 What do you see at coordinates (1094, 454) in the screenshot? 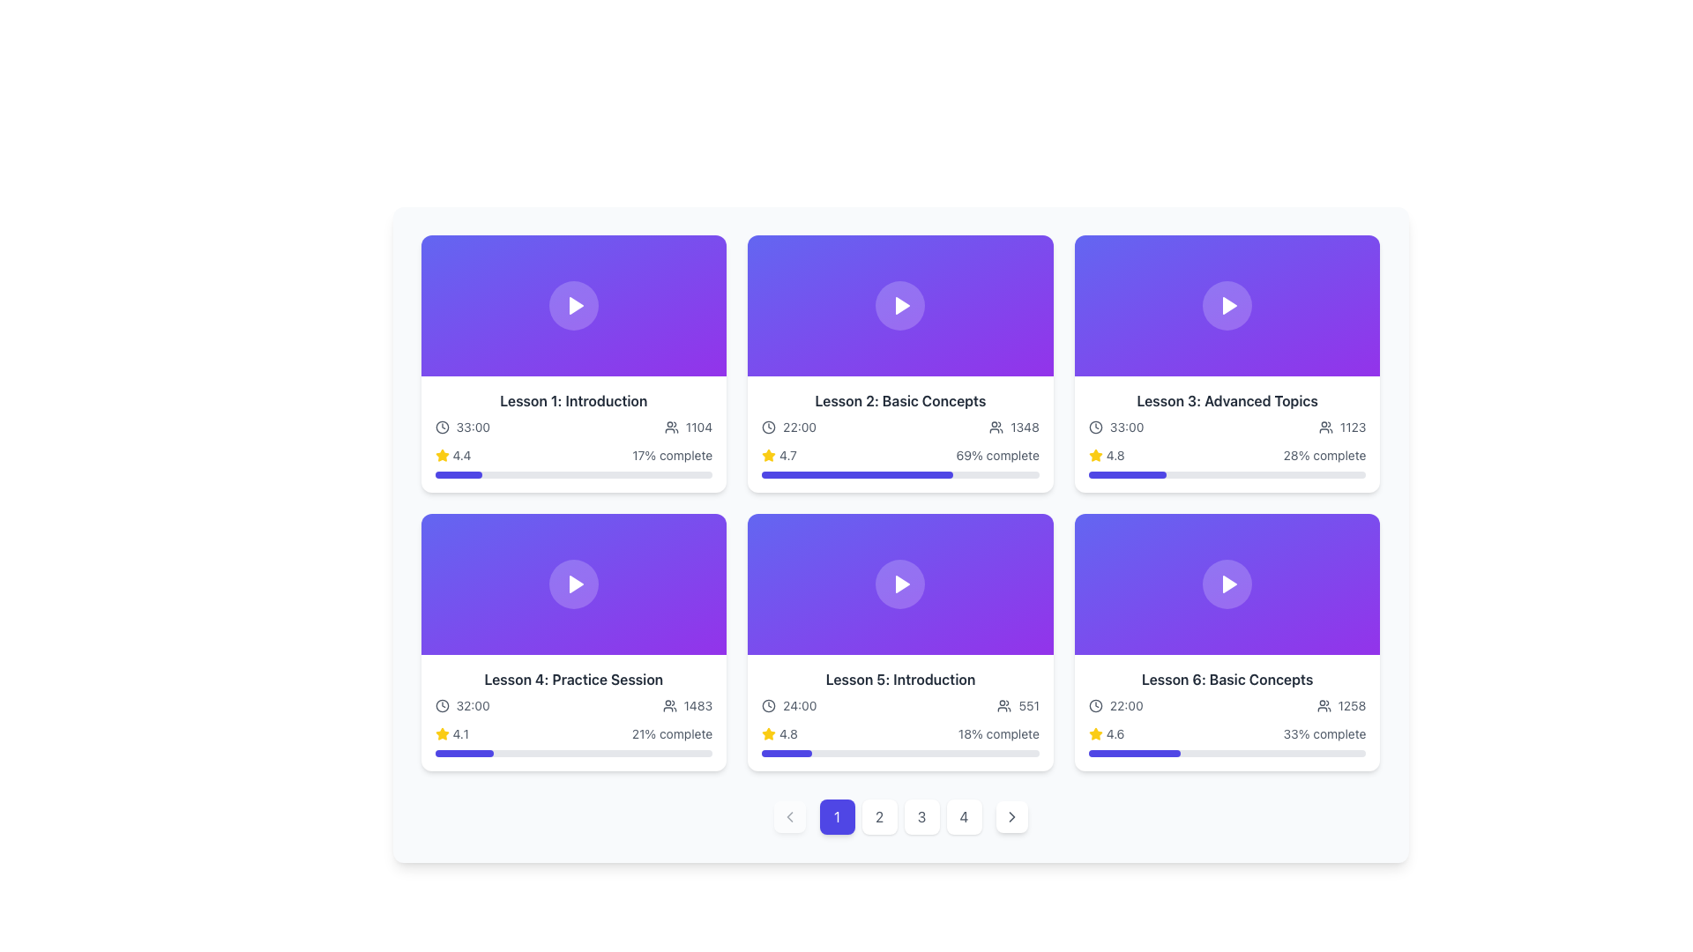
I see `the rating icon located to the left of the text '4.8' in the 'Lesson 3: Advanced Topics' card` at bounding box center [1094, 454].